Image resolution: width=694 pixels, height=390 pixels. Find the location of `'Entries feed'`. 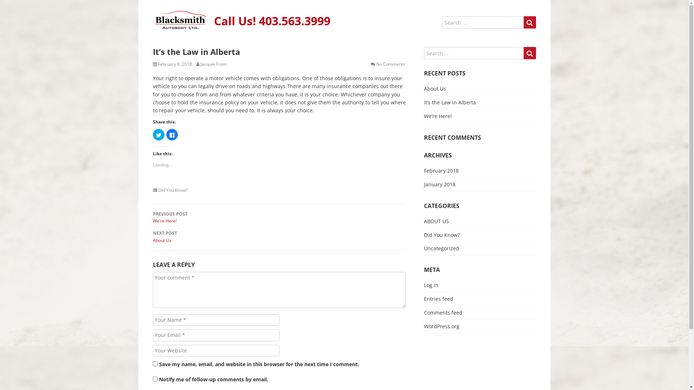

'Entries feed' is located at coordinates (438, 299).